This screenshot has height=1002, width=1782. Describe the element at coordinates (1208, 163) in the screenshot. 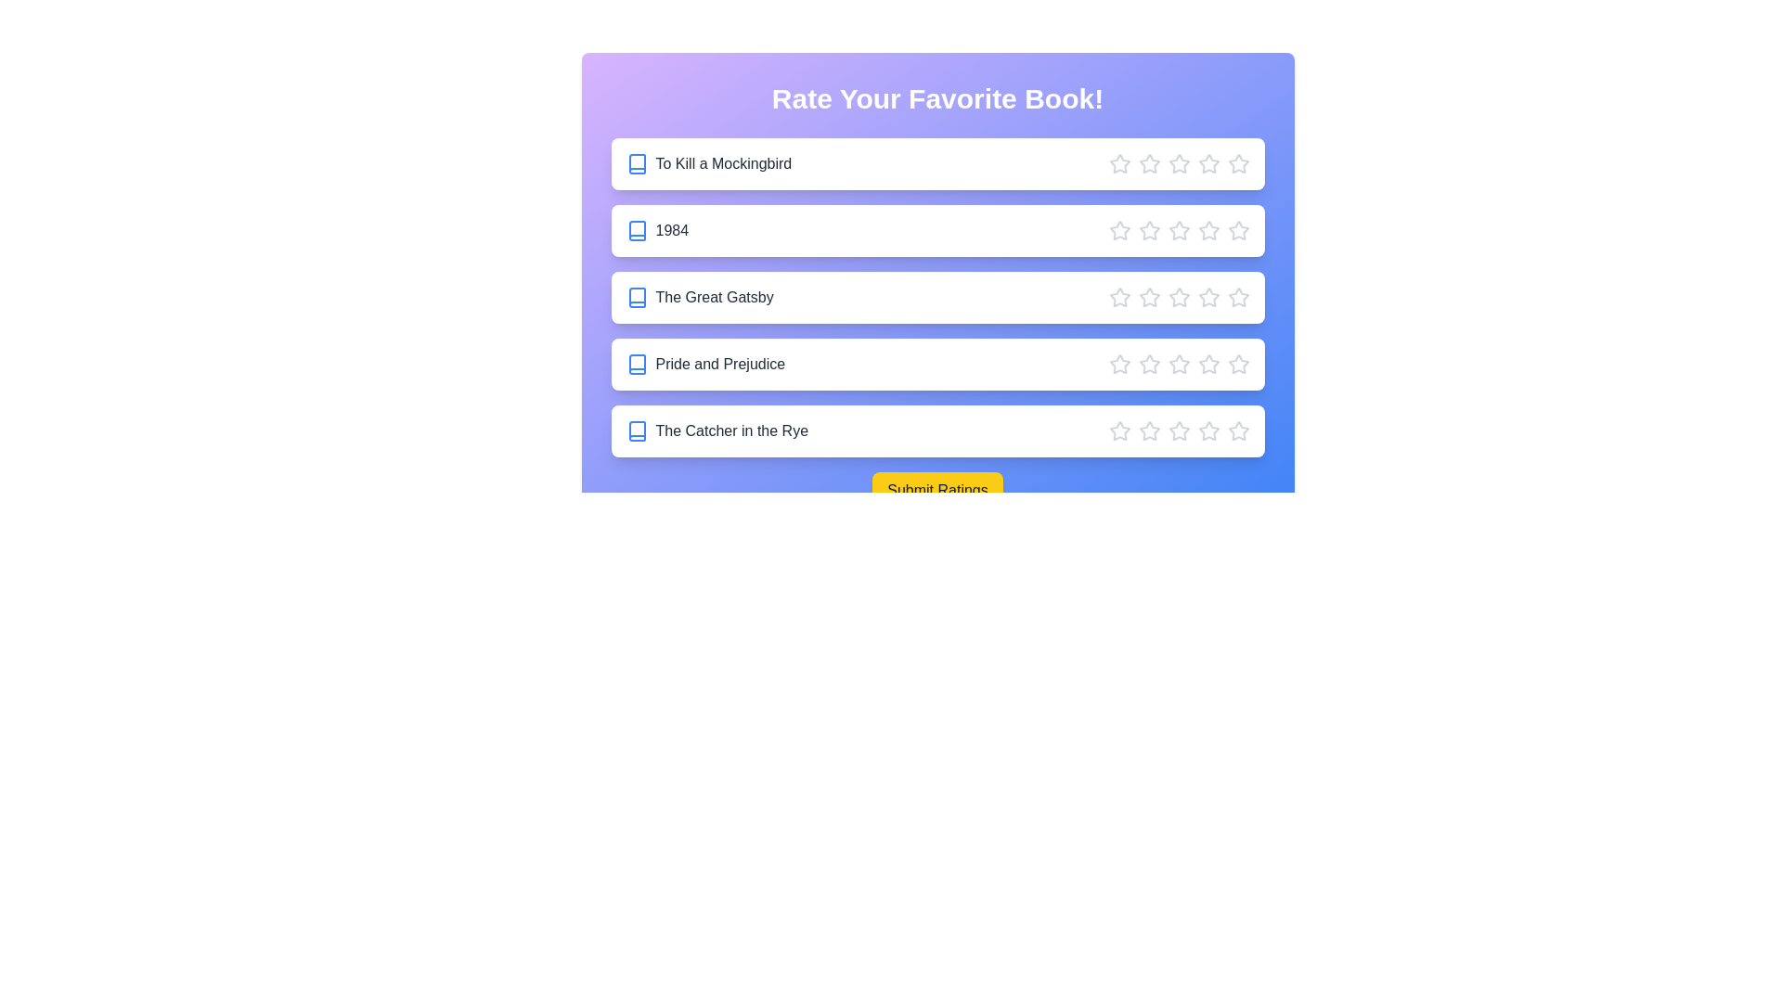

I see `the star corresponding to 4 stars for the book To Kill a Mockingbird` at that location.